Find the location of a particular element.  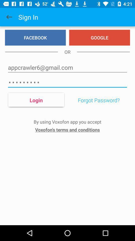

the appcrawler6@gmail.com icon is located at coordinates (67, 67).